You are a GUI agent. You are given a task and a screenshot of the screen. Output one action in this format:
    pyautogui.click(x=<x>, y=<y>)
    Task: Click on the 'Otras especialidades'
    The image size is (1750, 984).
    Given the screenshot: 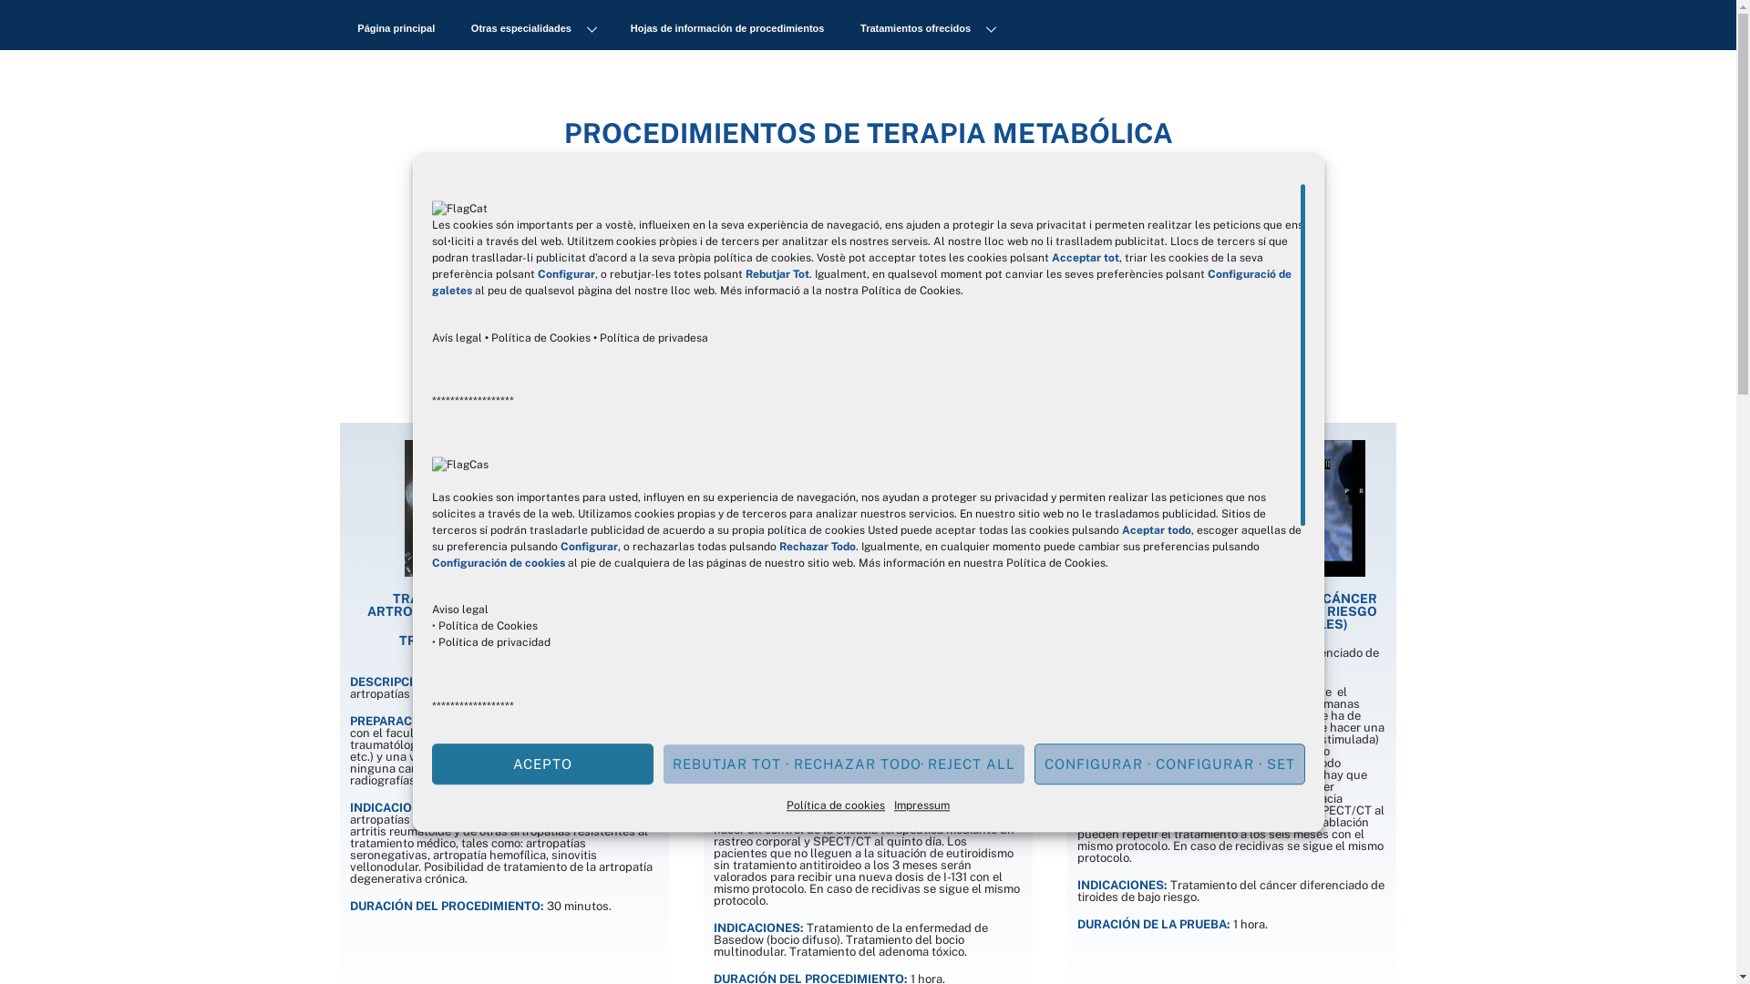 What is the action you would take?
    pyautogui.click(x=531, y=27)
    